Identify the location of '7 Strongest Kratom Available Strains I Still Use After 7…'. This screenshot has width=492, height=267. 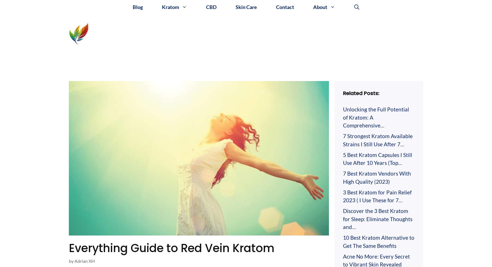
(378, 140).